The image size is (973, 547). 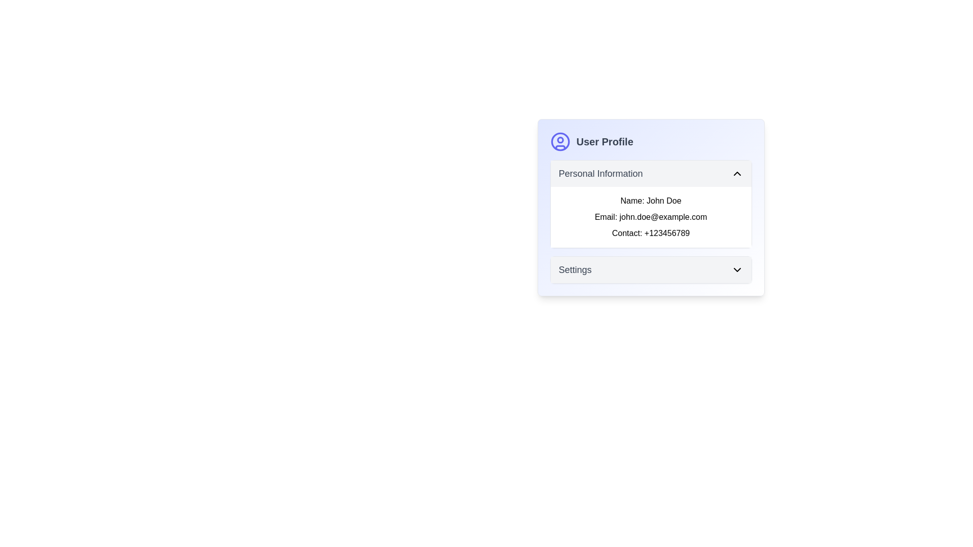 I want to click on the toggle or dropdown trigger button located at the bottom of the vertical card layout, so click(x=651, y=269).